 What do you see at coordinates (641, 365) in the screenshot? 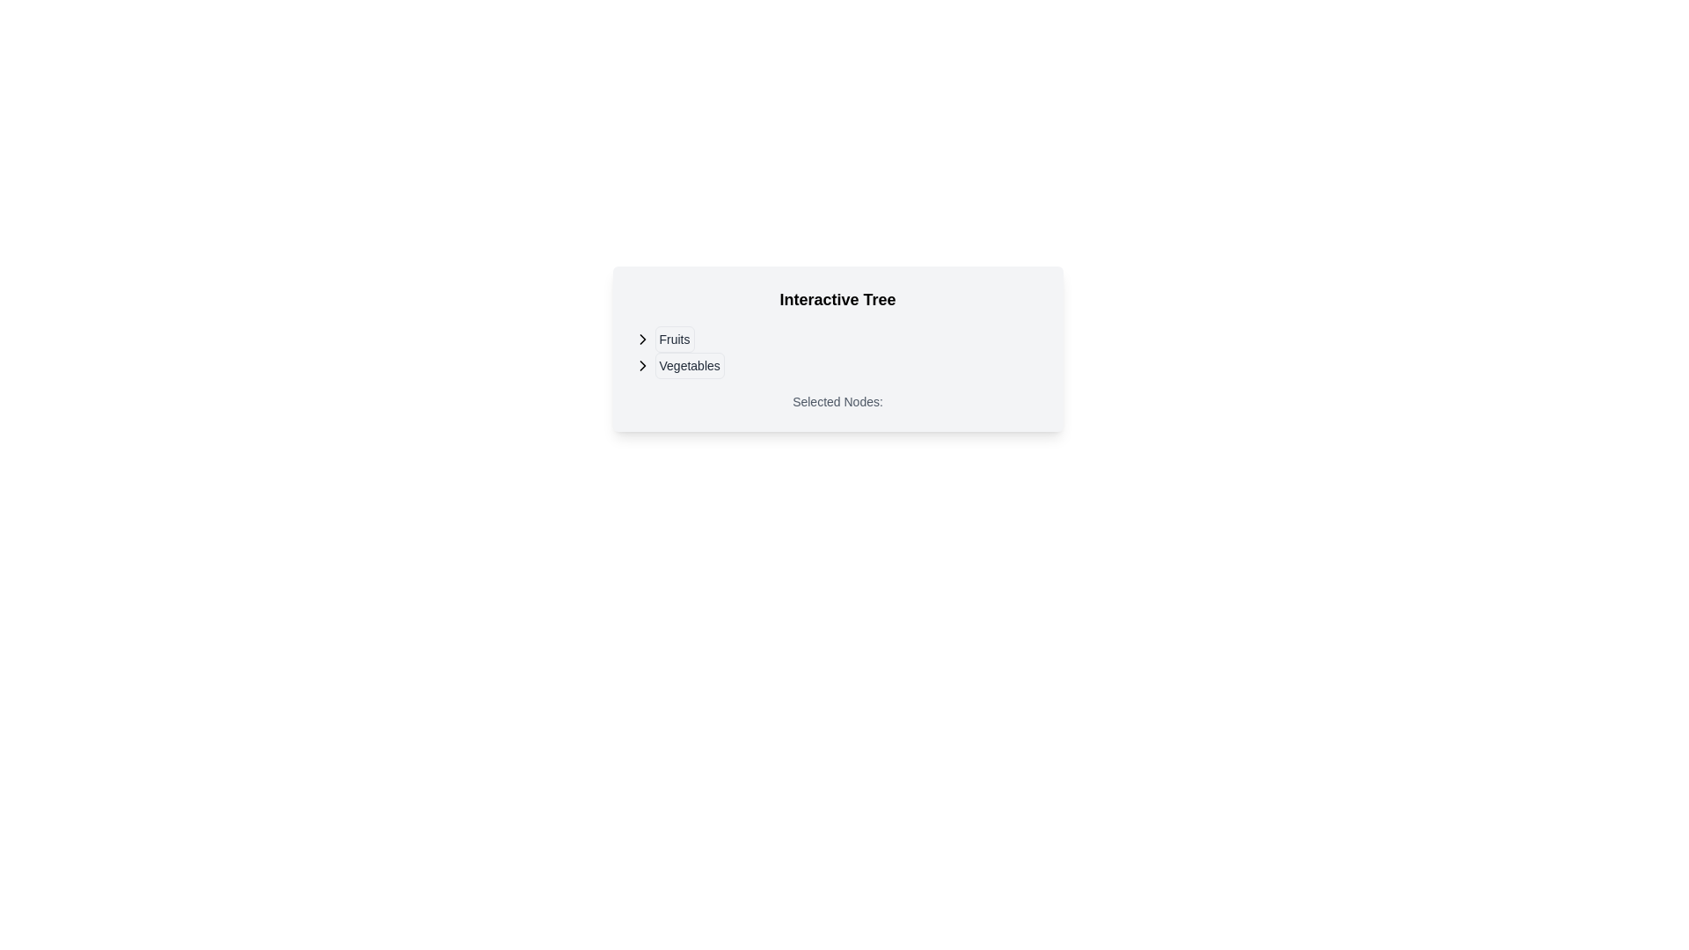
I see `the chevron-right icon` at bounding box center [641, 365].